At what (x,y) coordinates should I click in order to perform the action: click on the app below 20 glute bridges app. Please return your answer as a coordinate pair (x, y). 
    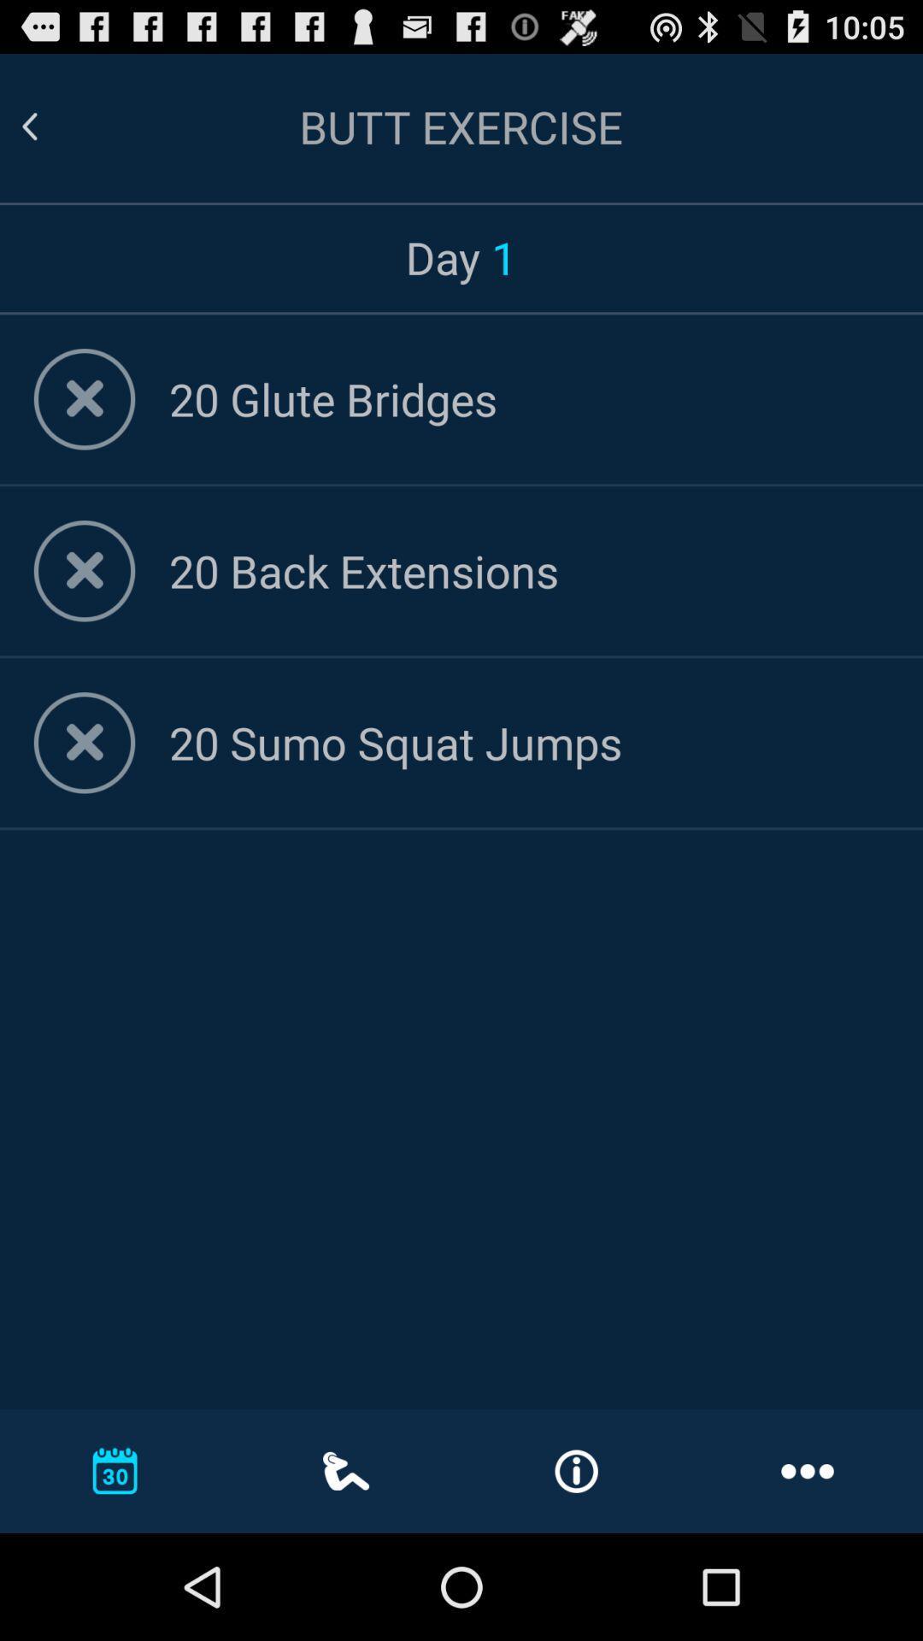
    Looking at the image, I should click on (528, 570).